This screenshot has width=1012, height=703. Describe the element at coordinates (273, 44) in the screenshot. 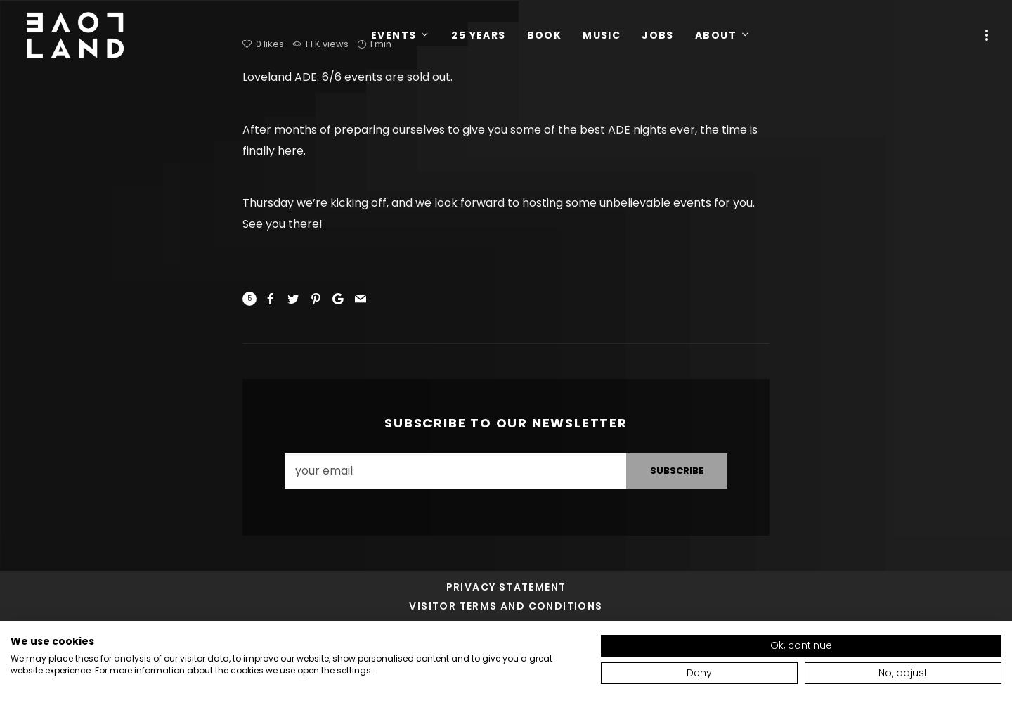

I see `'likes'` at that location.